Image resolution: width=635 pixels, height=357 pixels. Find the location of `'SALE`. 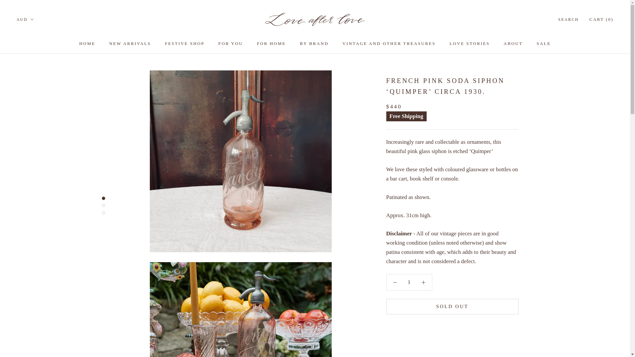

'SALE is located at coordinates (544, 43).